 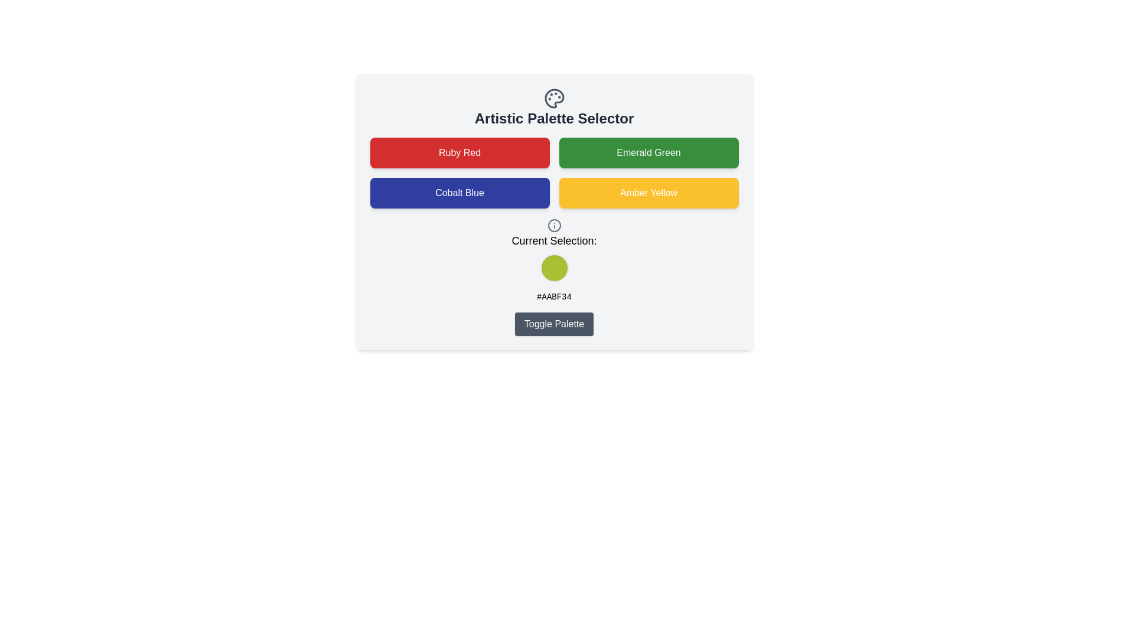 What do you see at coordinates (553, 225) in the screenshot?
I see `the small circular info icon with a gray border, located above the text 'Current Selection:' and below the header 'Artistic Palette Selector'` at bounding box center [553, 225].